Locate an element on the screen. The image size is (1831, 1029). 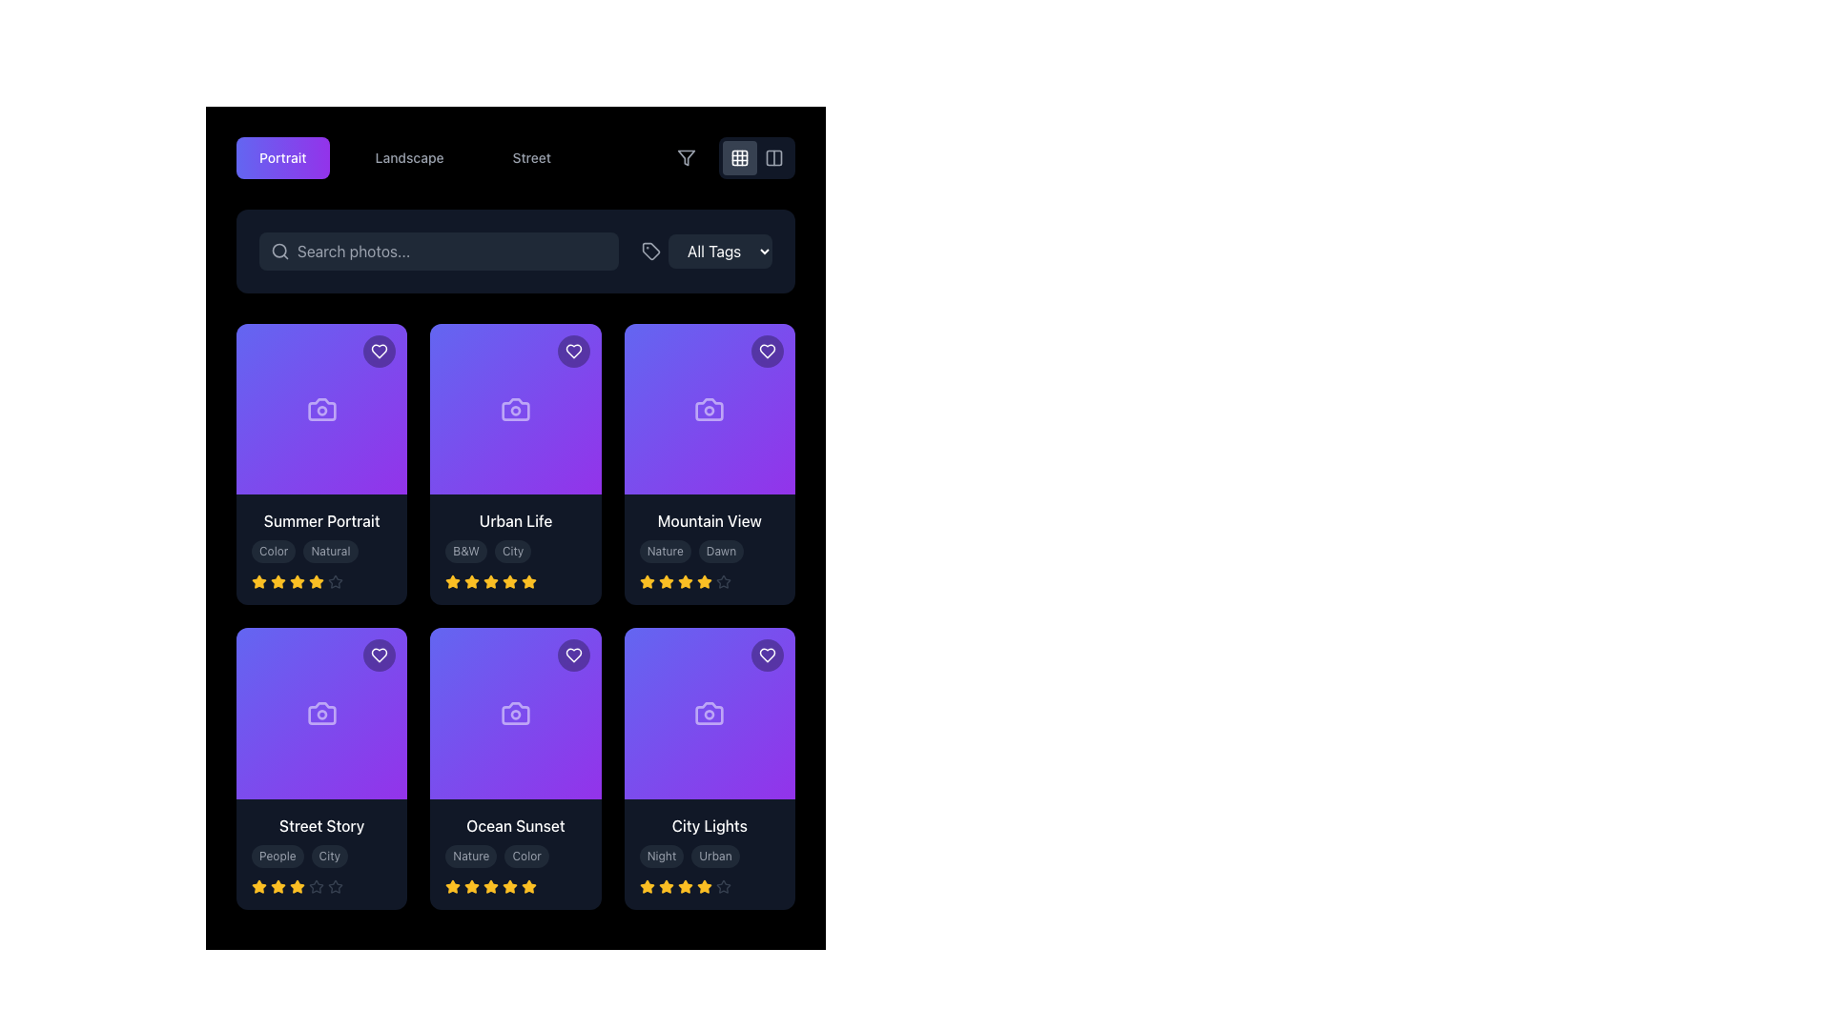
the 'City' tag located below the title 'Urban Life', which is the second tag in a horizontal series of tags in the card layout is located at coordinates (516, 552).